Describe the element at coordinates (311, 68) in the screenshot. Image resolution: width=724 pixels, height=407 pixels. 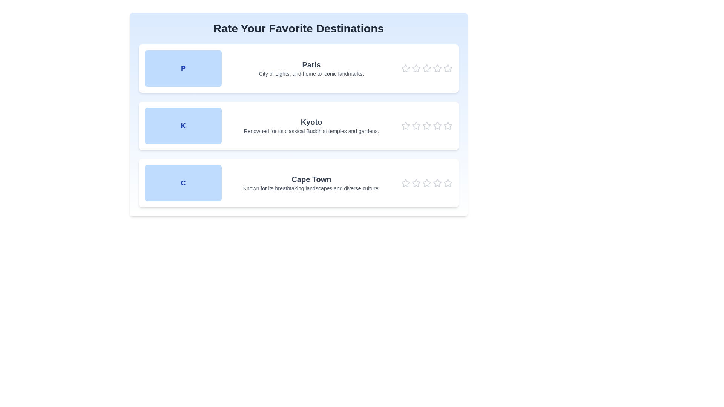
I see `the title and description label for Paris, which is located in the first row of a card-based interface above a blue box with the letter 'P' and before a row of stars for rating` at that location.